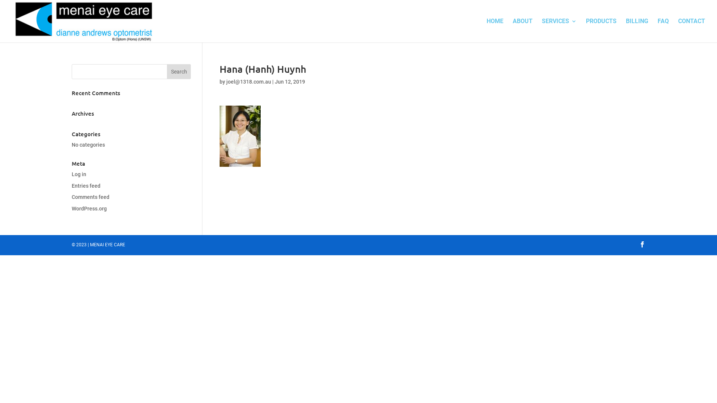 Image resolution: width=717 pixels, height=403 pixels. I want to click on 'Log in', so click(79, 174).